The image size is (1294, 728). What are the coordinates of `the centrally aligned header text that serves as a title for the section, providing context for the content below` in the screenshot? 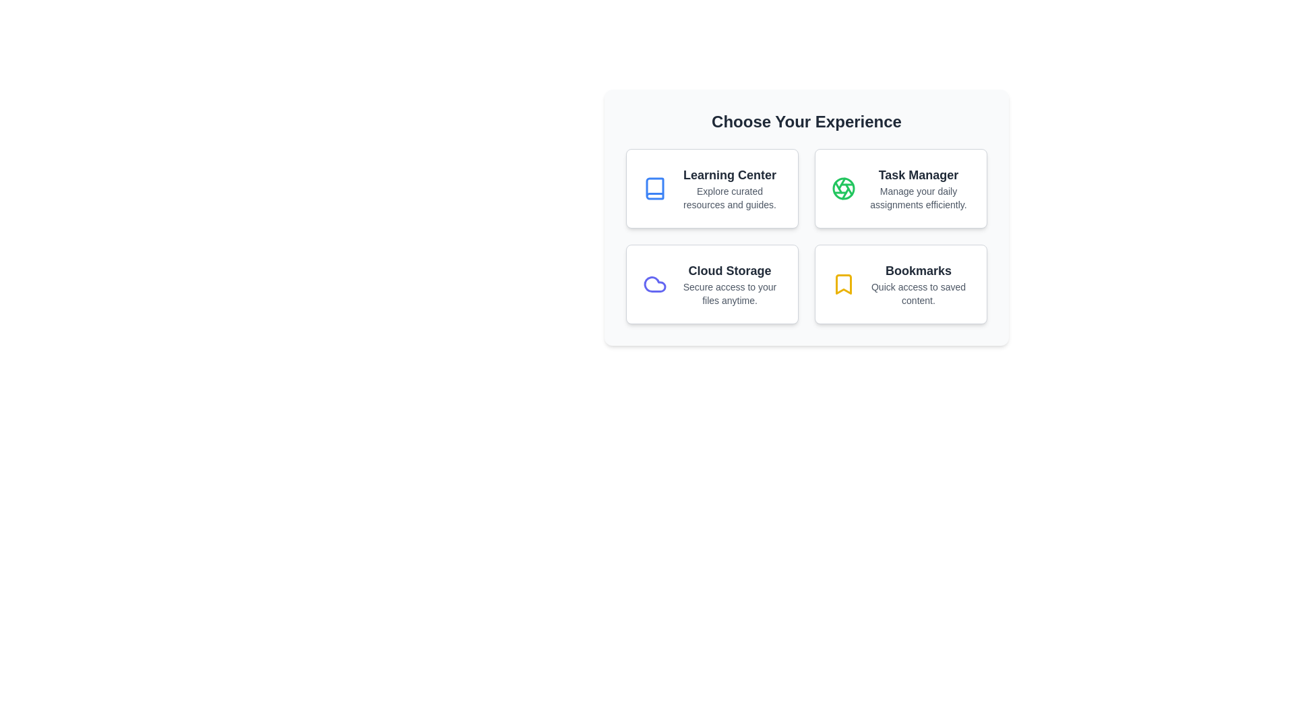 It's located at (806, 122).